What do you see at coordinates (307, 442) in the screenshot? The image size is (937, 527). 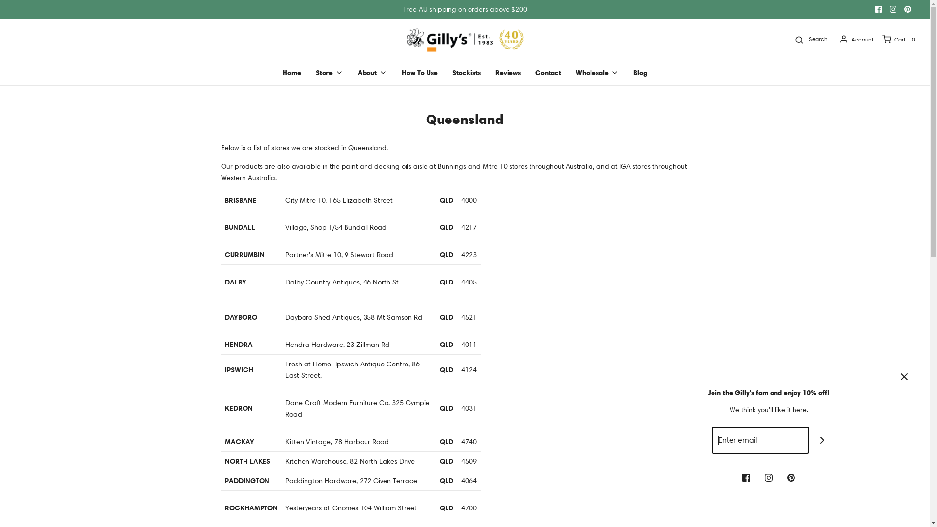 I see `'Kitten Vintage'` at bounding box center [307, 442].